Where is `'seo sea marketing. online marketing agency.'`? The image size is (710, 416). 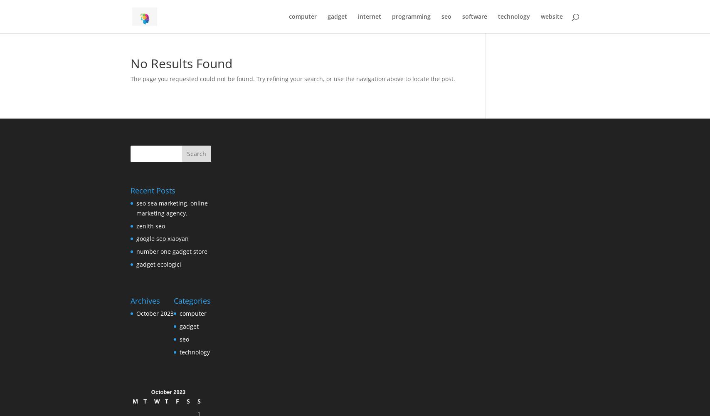
'seo sea marketing. online marketing agency.' is located at coordinates (172, 207).